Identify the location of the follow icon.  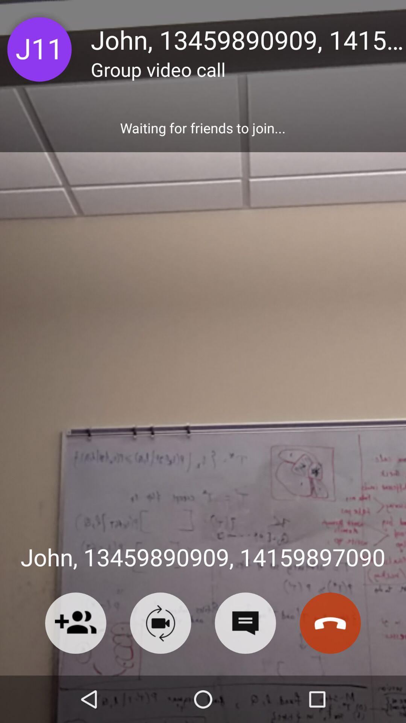
(76, 623).